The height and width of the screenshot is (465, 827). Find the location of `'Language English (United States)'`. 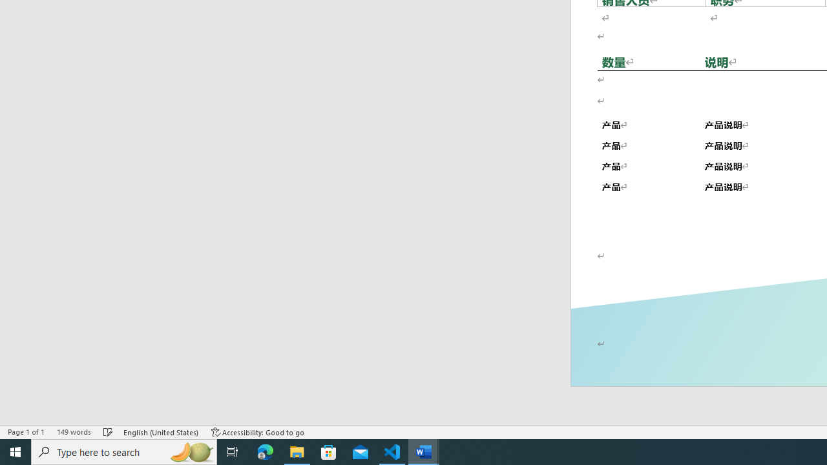

'Language English (United States)' is located at coordinates (161, 432).